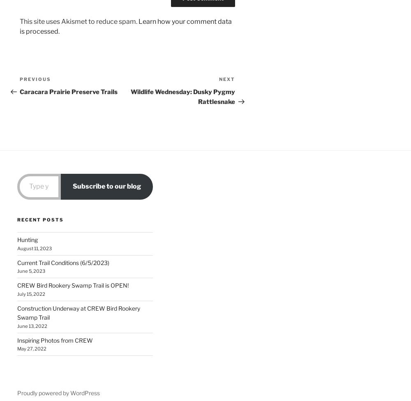  What do you see at coordinates (55, 340) in the screenshot?
I see `'Inspiring Photos from CREW'` at bounding box center [55, 340].